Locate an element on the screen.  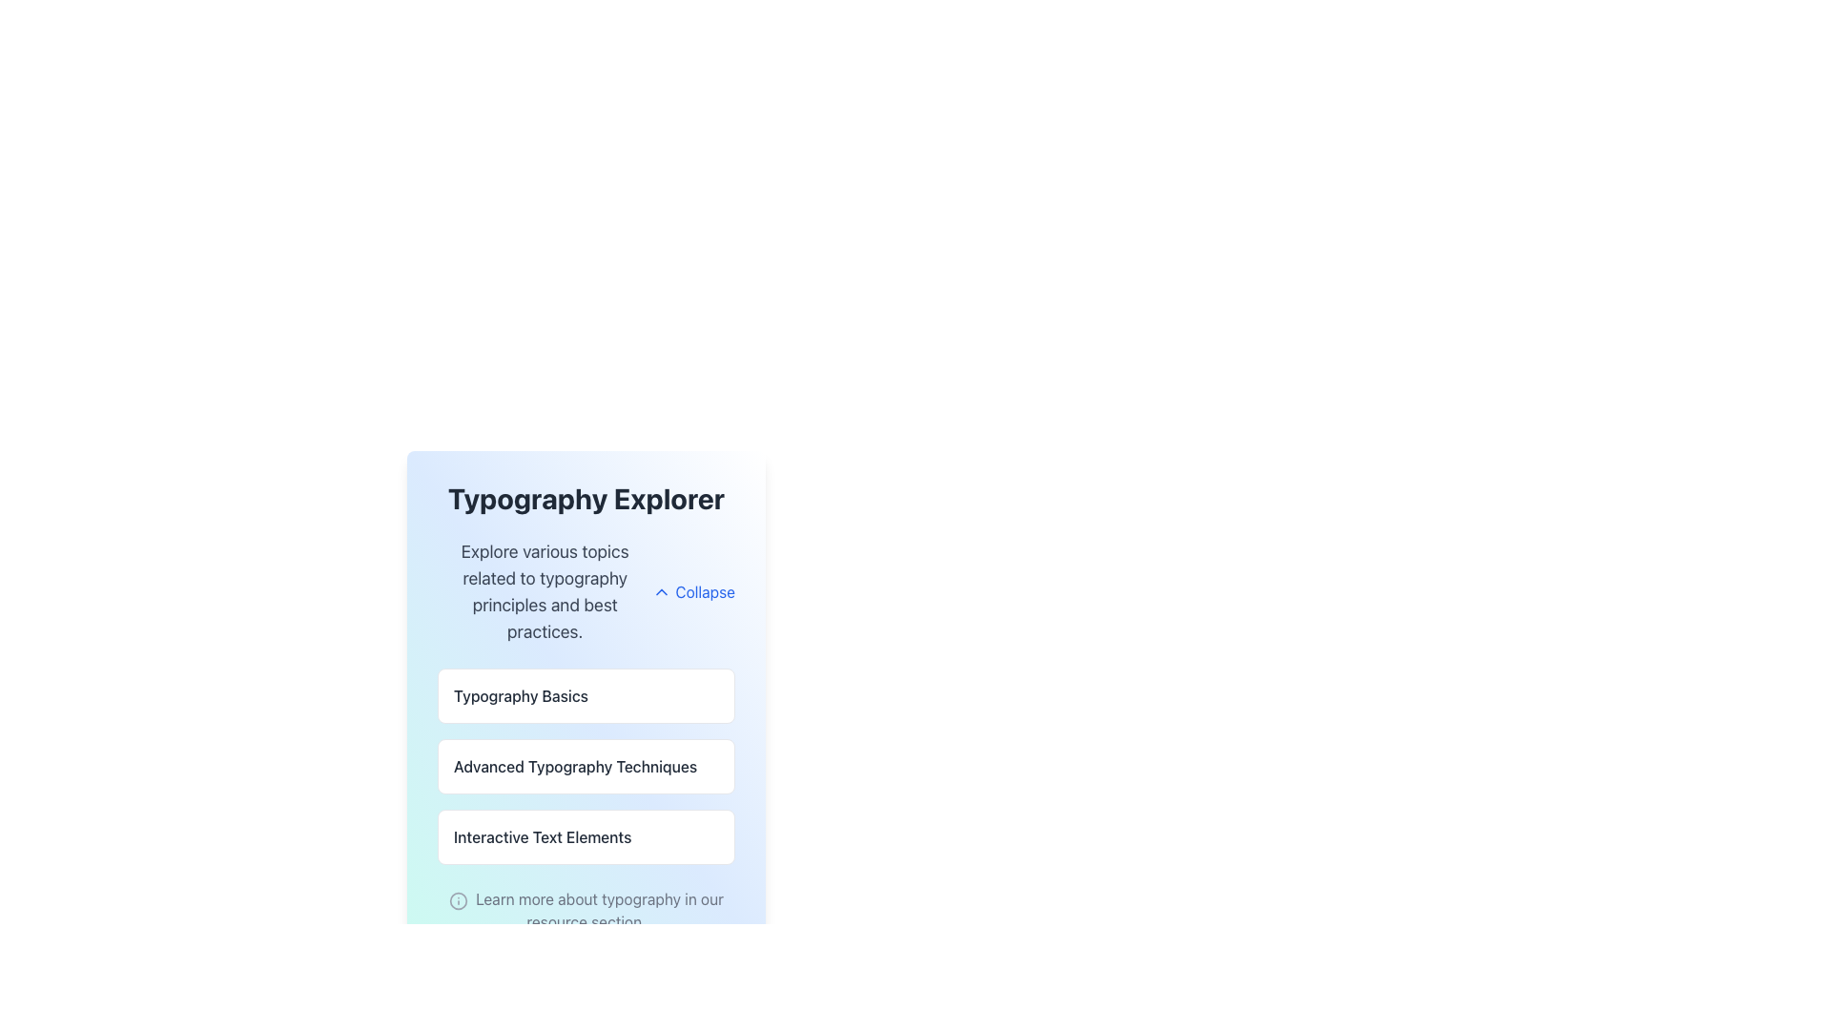
the text label displaying 'Interactive Text Elements' in dark gray, located below the header 'Typography Explorer' and above the informational section is located at coordinates (542, 836).